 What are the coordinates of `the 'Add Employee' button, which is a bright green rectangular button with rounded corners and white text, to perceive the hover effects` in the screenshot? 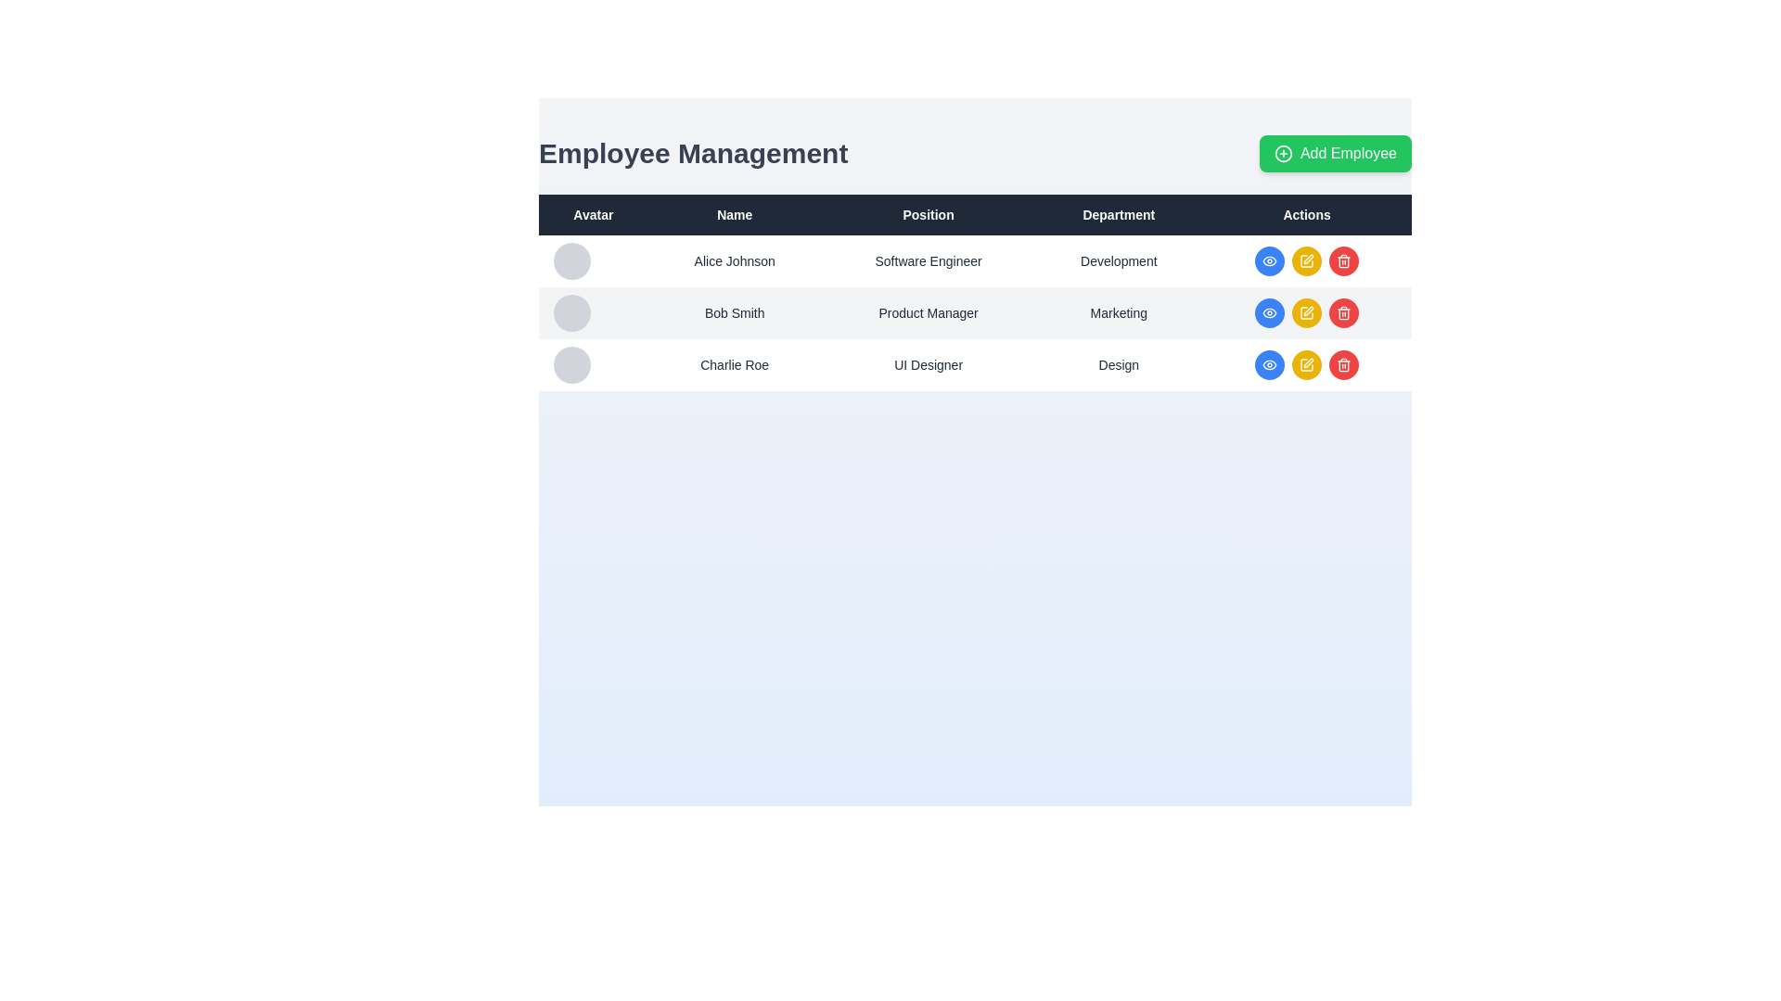 It's located at (1336, 152).